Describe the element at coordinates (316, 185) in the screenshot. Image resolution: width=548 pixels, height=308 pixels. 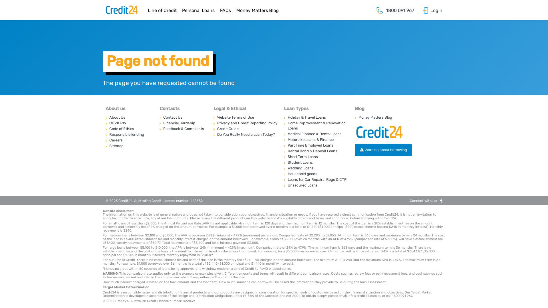
I see `'Unsecured Loans'` at that location.